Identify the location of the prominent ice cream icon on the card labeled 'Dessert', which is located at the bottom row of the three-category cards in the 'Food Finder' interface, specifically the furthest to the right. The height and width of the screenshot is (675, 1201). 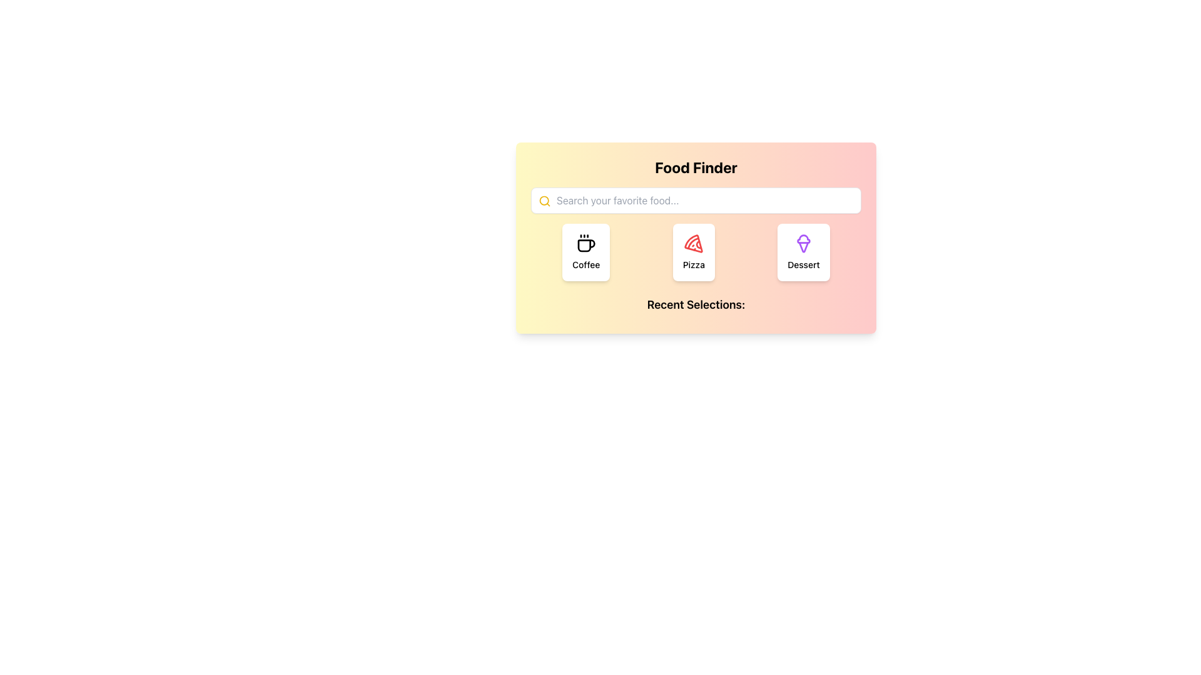
(804, 243).